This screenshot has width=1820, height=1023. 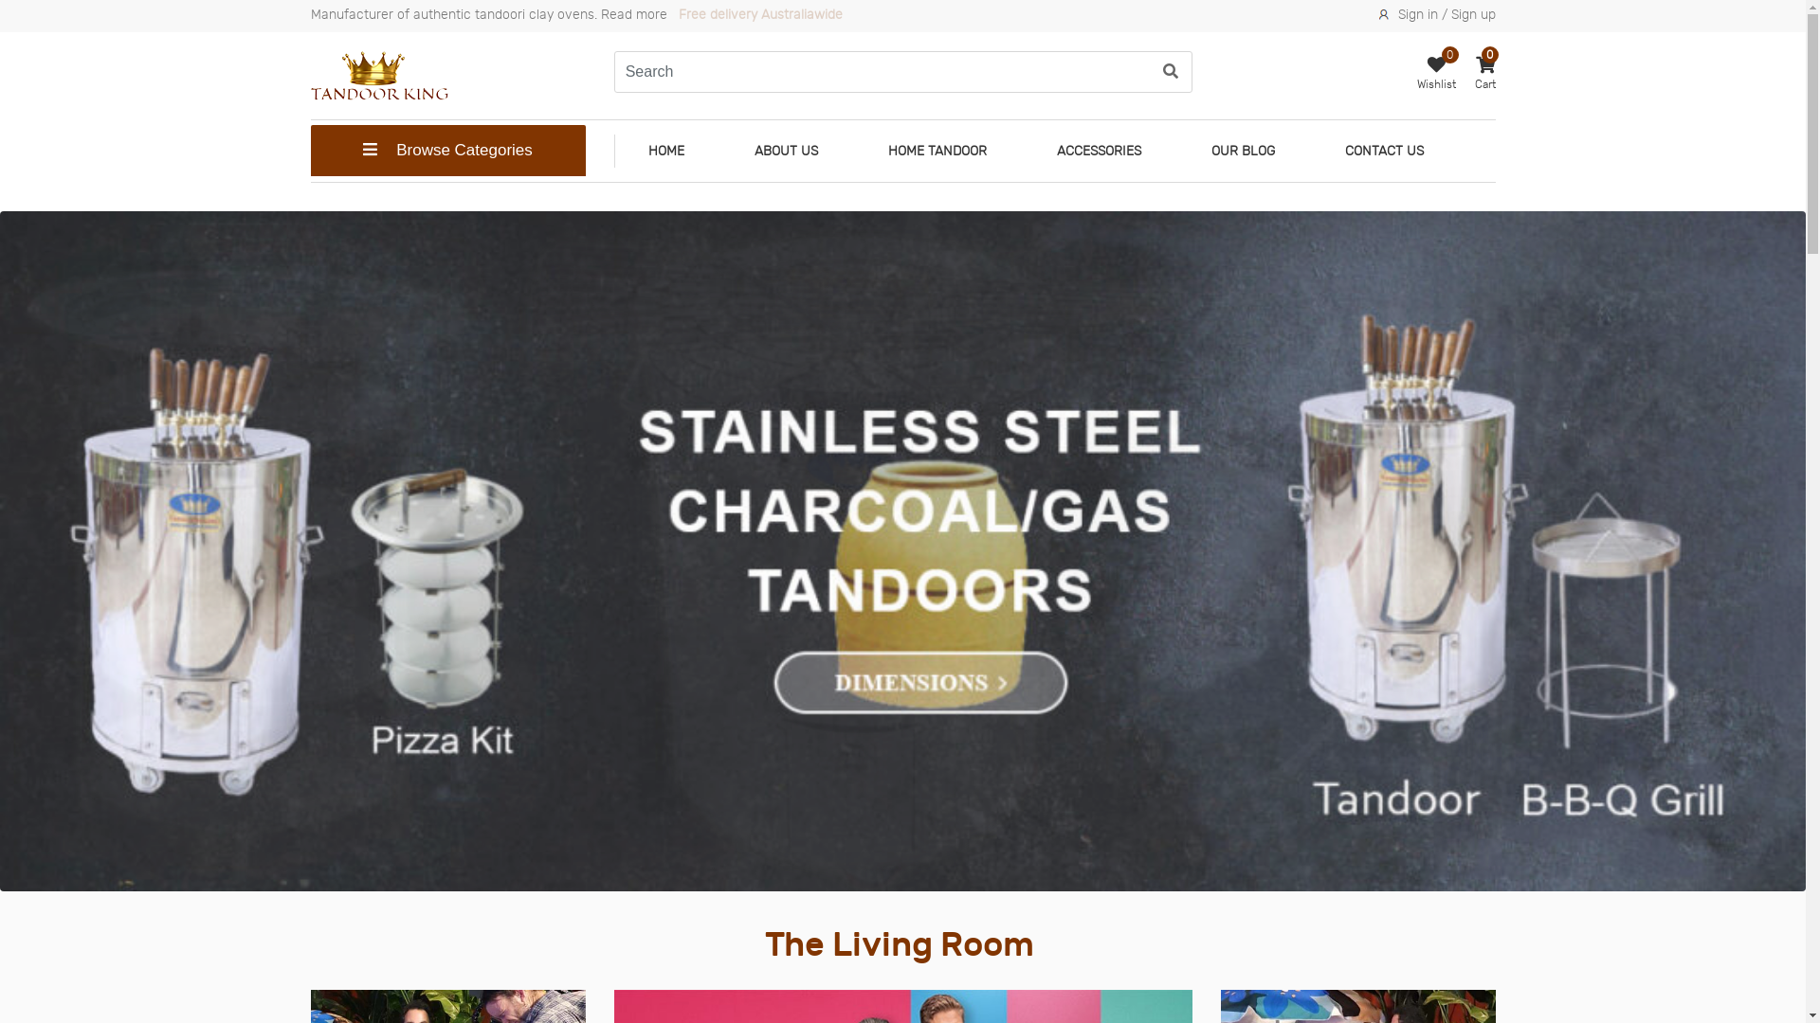 I want to click on 'Sign in / Sign up', so click(x=1396, y=14).